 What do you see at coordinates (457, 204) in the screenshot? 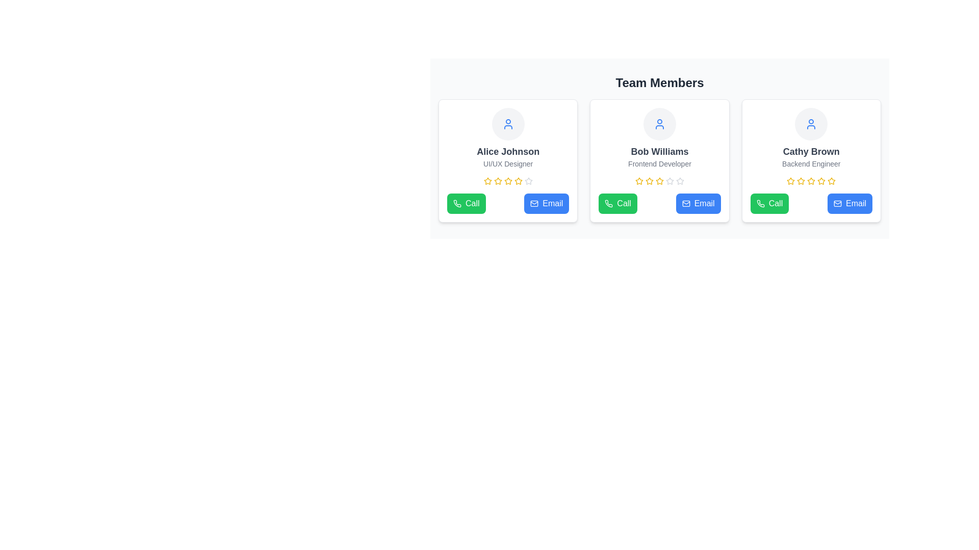
I see `the call icon located in the 'Call' button of Alice Johnson's team member card to initiate a phone call` at bounding box center [457, 204].